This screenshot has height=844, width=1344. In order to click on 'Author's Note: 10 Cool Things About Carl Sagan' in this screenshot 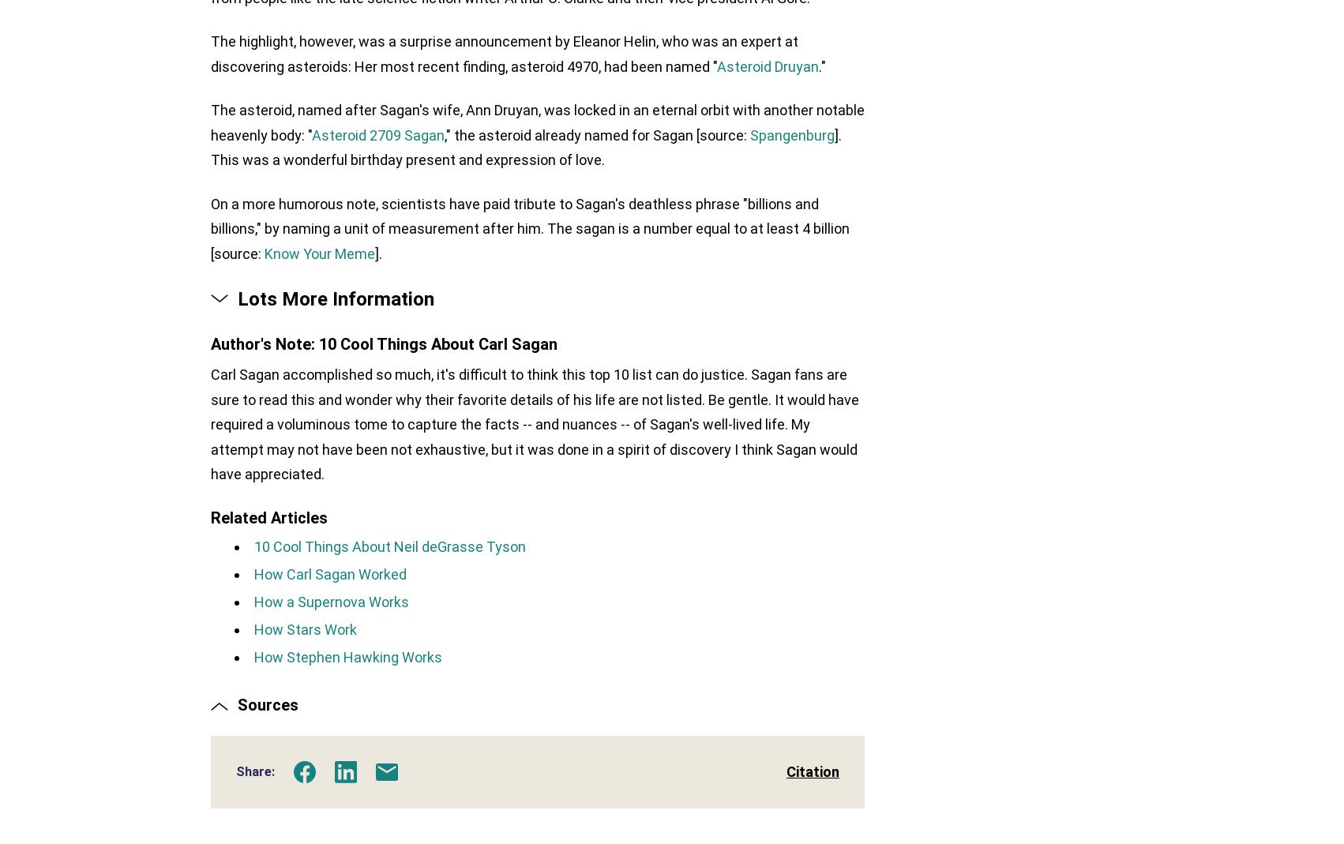, I will do `click(383, 347)`.